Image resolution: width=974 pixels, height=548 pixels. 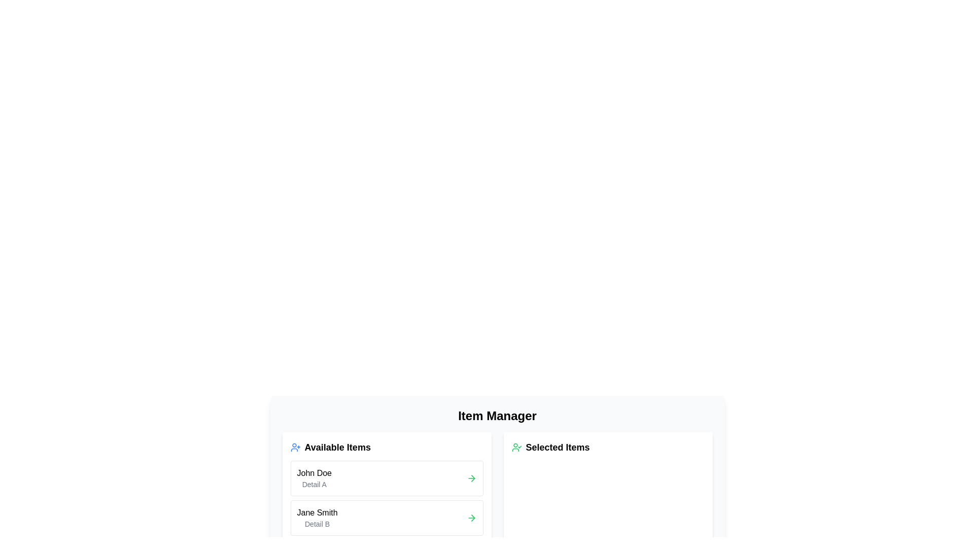 What do you see at coordinates (314, 484) in the screenshot?
I see `the Text label located below 'John Doe' in the 'Available Items' section` at bounding box center [314, 484].